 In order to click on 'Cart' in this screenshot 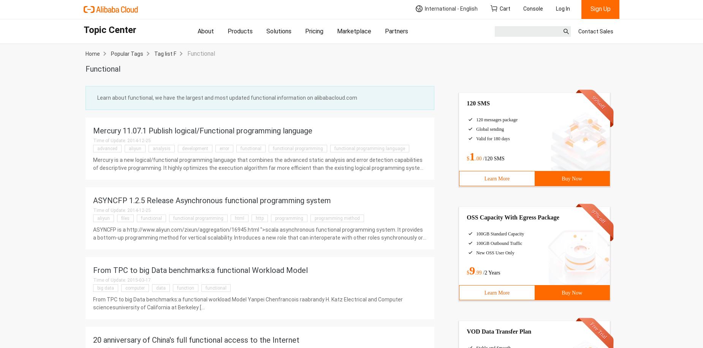, I will do `click(505, 9)`.